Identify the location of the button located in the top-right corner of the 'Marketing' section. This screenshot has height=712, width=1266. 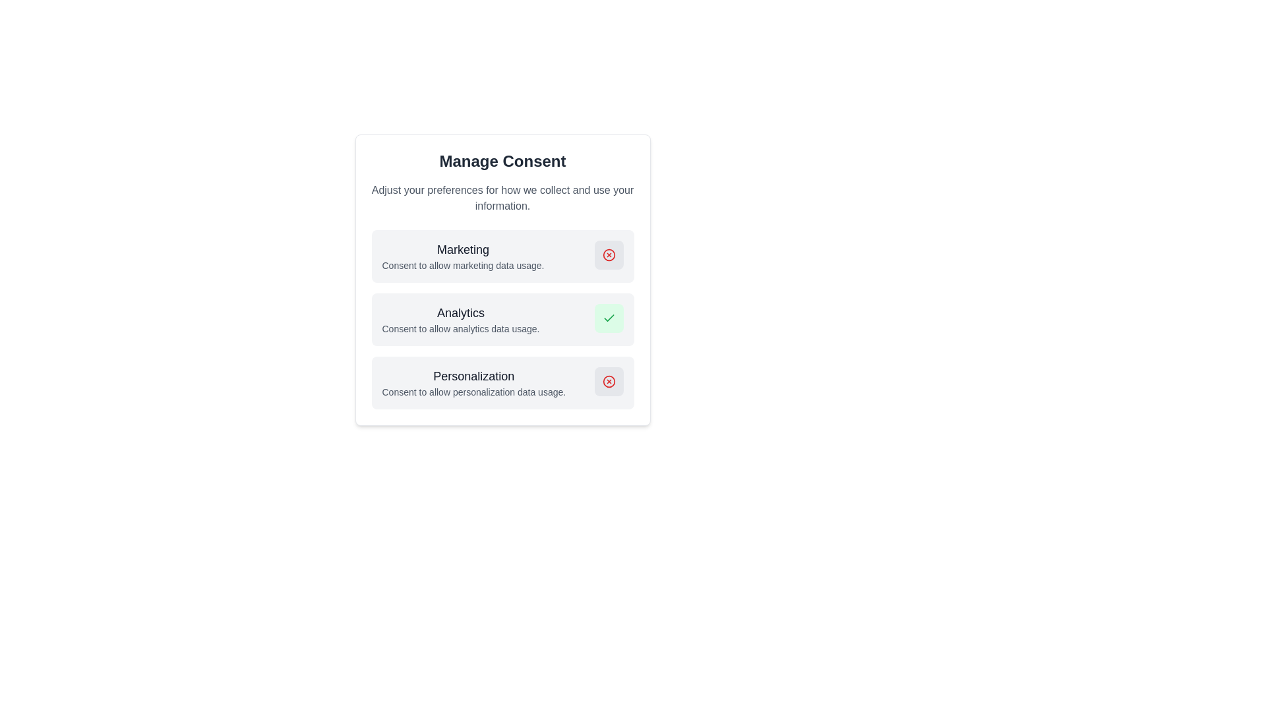
(608, 254).